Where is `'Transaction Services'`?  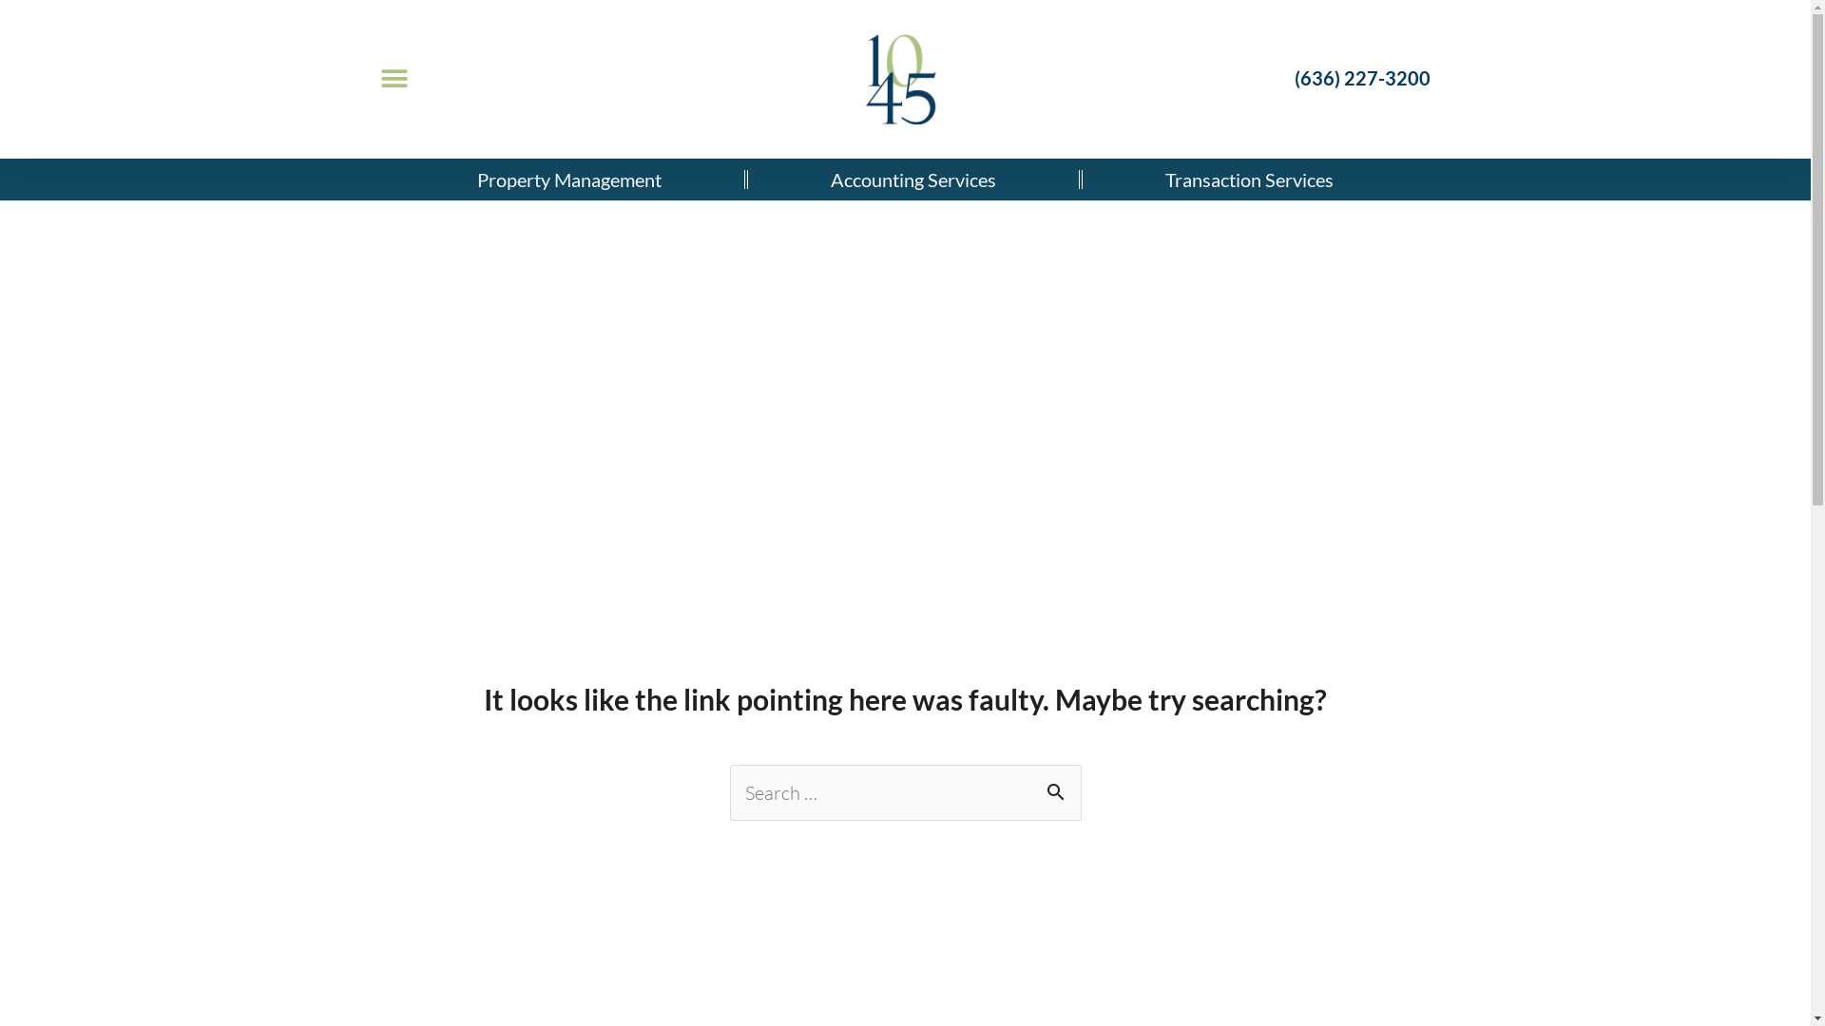
'Transaction Services' is located at coordinates (1249, 180).